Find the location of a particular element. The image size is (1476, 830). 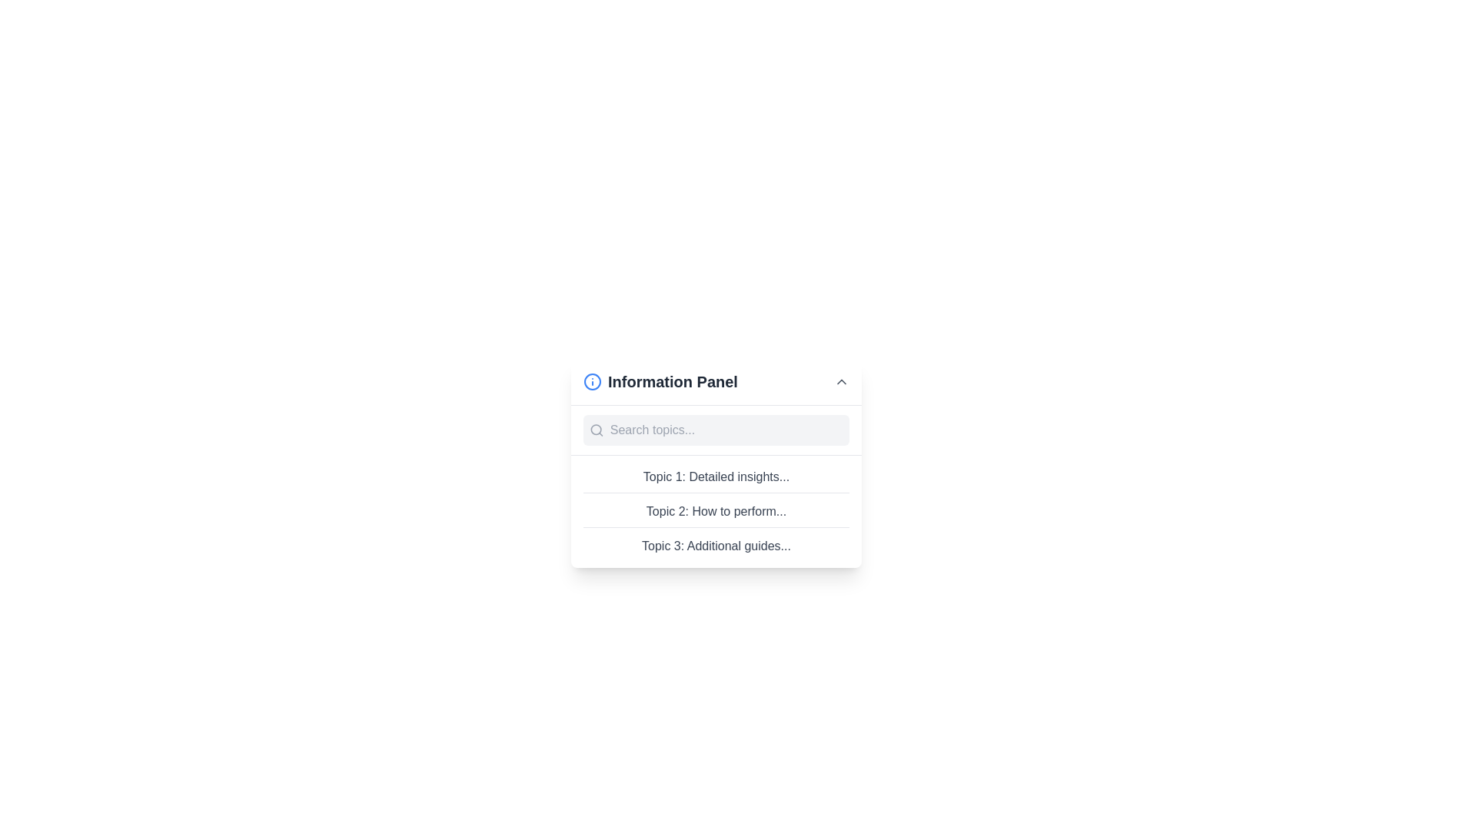

the decorative SVG circle that visually supports the Information Panel, positioned to the left of the panel's title text is located at coordinates (592, 381).